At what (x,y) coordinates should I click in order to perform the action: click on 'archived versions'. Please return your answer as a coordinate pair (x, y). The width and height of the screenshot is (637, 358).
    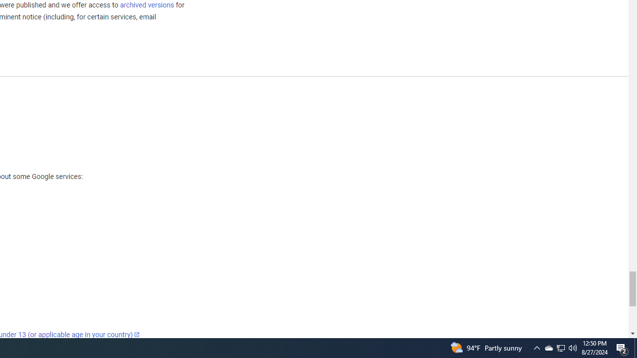
    Looking at the image, I should click on (146, 4).